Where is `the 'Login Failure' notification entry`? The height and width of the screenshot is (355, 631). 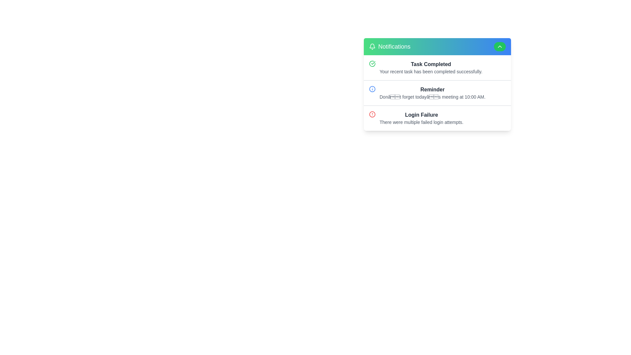
the 'Login Failure' notification entry is located at coordinates (437, 117).